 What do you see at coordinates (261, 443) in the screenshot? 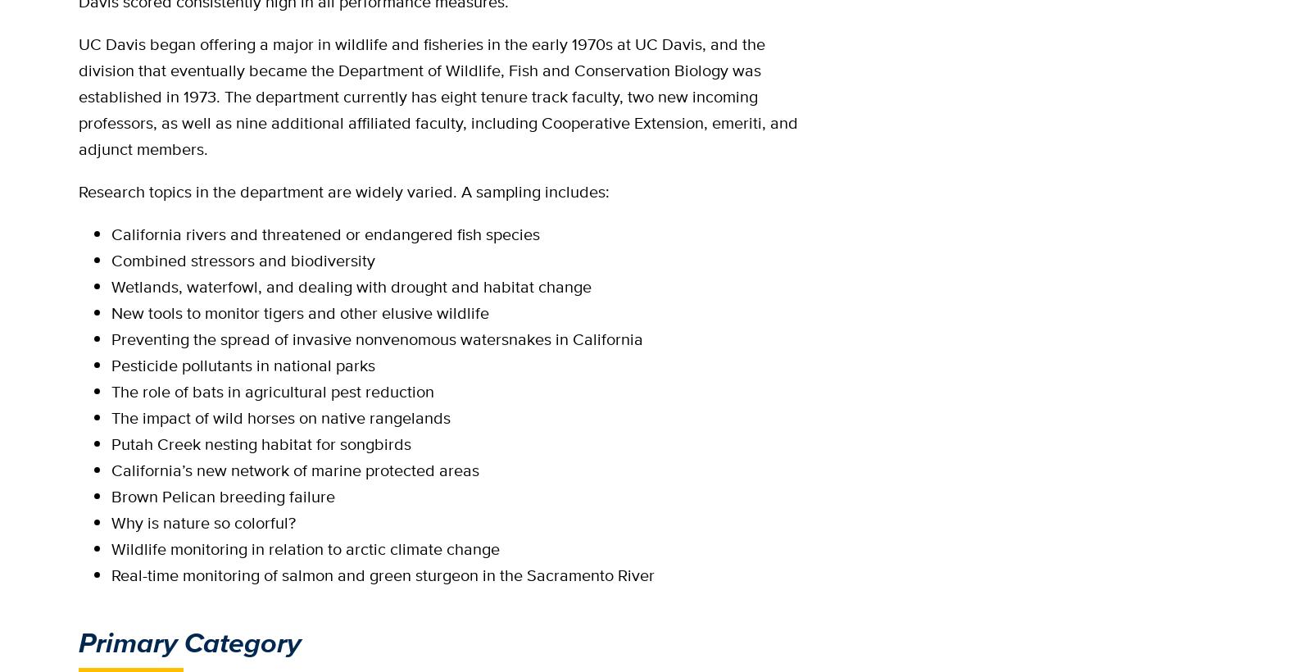
I see `'Putah Creek nesting habitat for songbirds'` at bounding box center [261, 443].